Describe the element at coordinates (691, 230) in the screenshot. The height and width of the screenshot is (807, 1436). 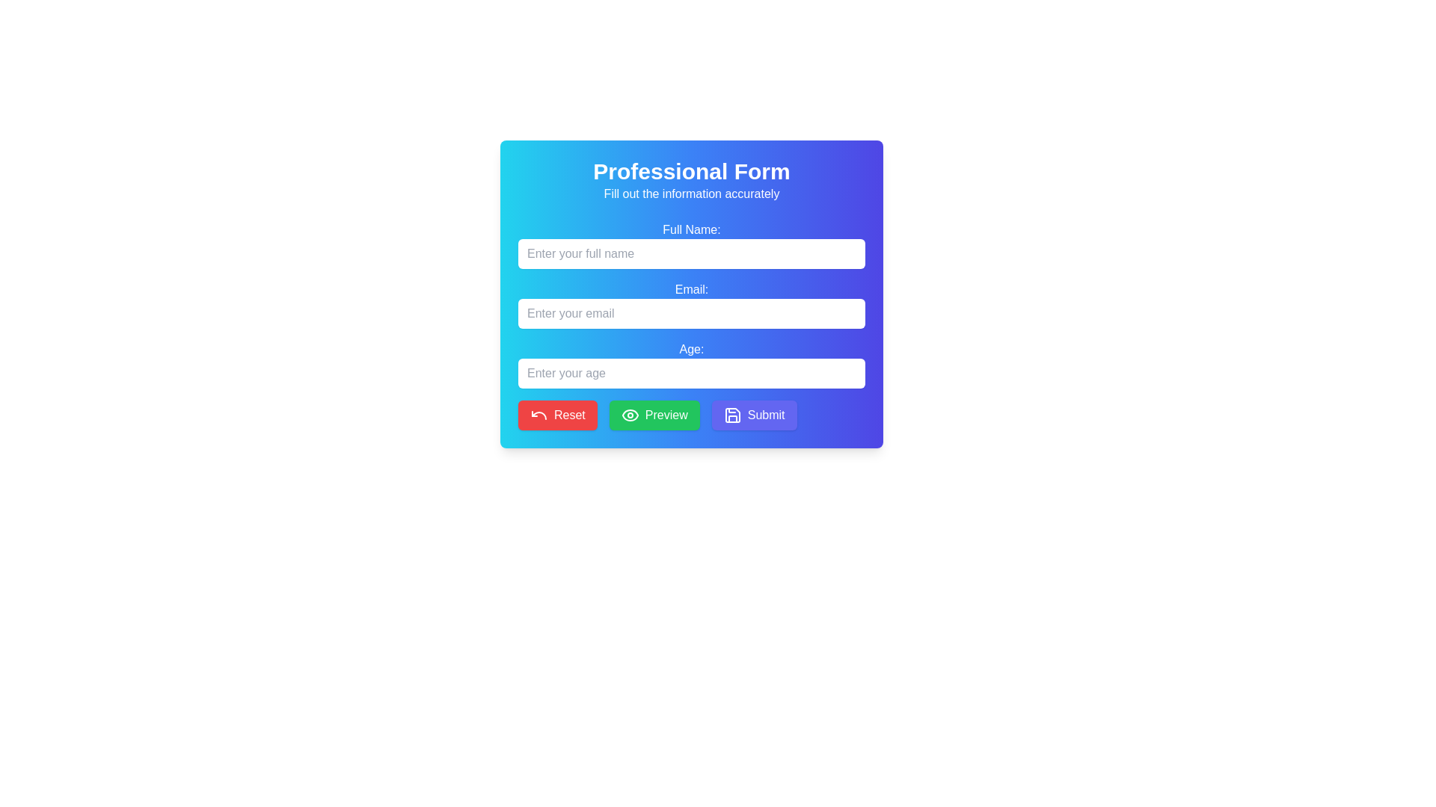
I see `the label that guides users for the full name input field in the form layout` at that location.